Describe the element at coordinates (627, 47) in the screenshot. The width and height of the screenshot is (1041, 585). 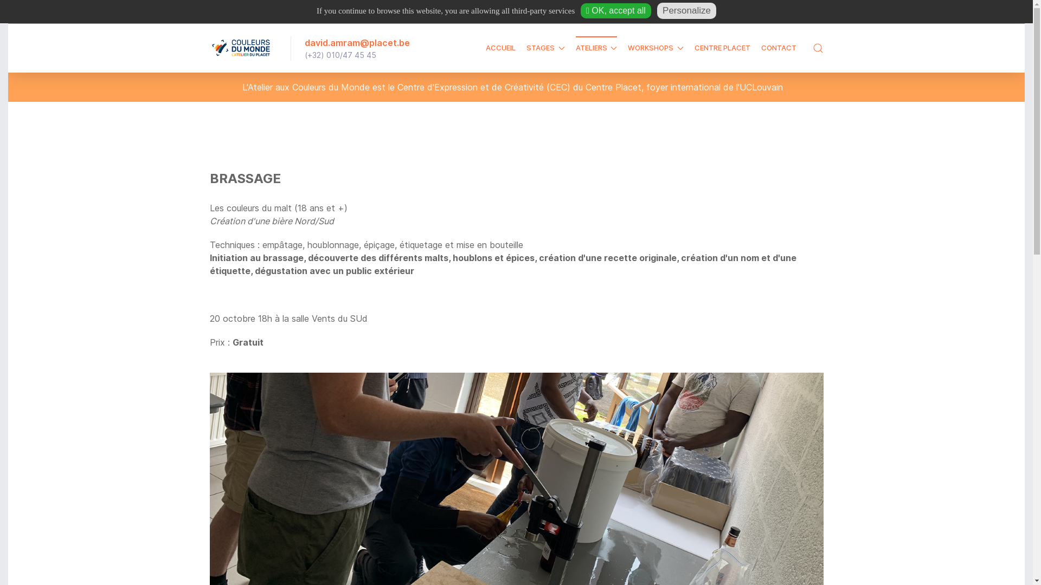
I see `'WORKSHOPS'` at that location.